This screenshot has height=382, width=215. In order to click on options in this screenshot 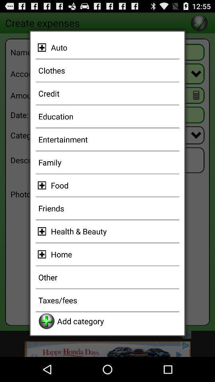, I will do `click(43, 231)`.